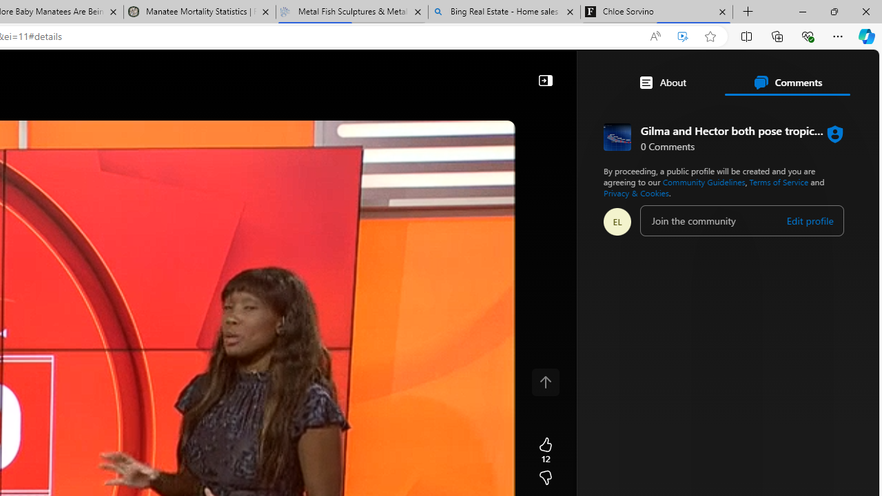 Image resolution: width=882 pixels, height=496 pixels. I want to click on 'comment-box', so click(741, 220).